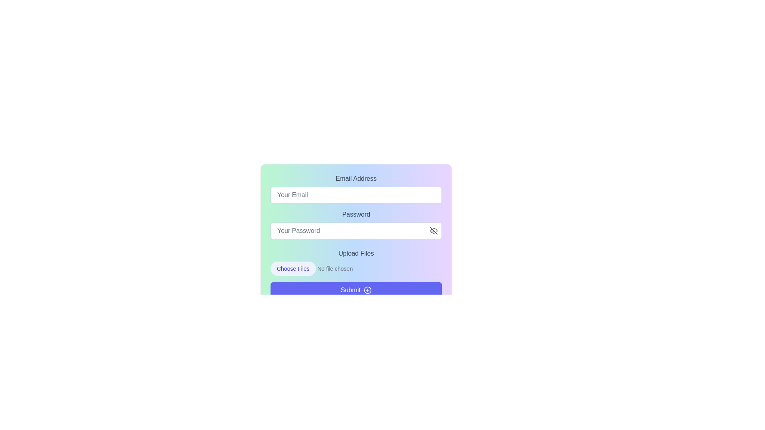 This screenshot has height=430, width=765. I want to click on the diagonal line graphic element that indicates the 'hidden password' functionality, part of the eye-off icon in the password entry field, so click(433, 231).